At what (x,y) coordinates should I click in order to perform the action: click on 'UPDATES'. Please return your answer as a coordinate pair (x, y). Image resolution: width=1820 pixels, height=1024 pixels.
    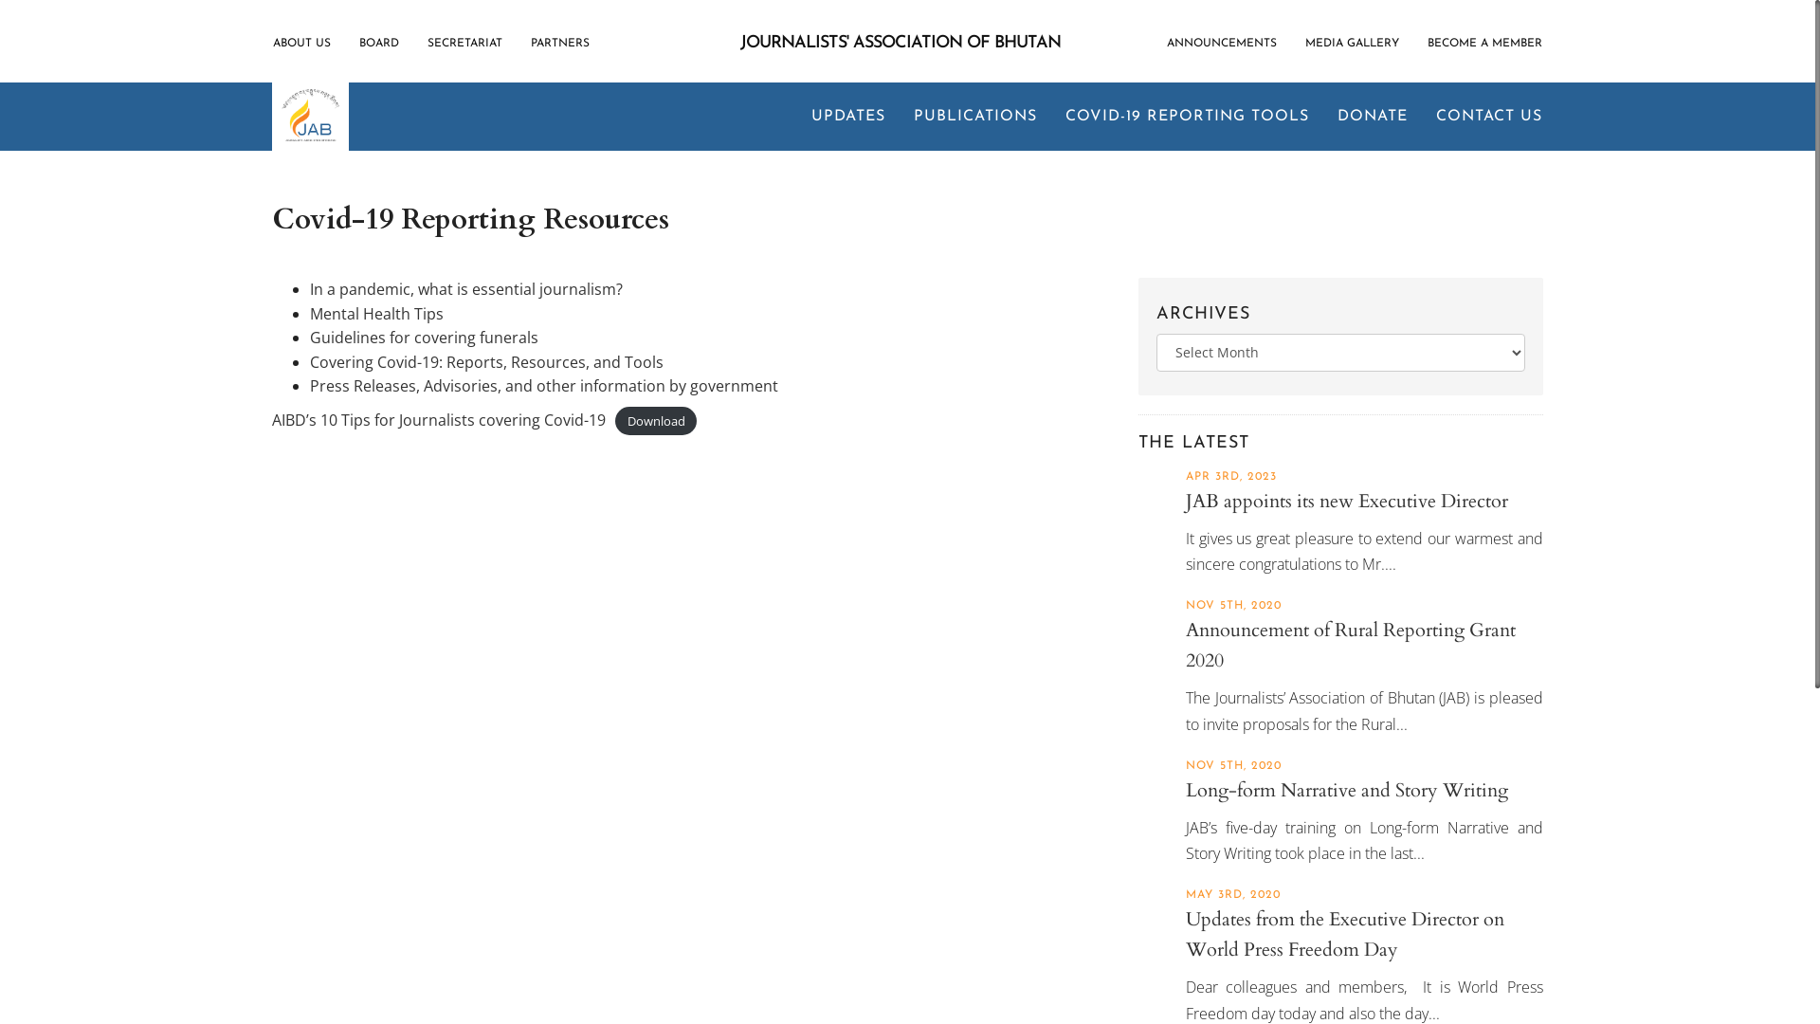
    Looking at the image, I should click on (796, 117).